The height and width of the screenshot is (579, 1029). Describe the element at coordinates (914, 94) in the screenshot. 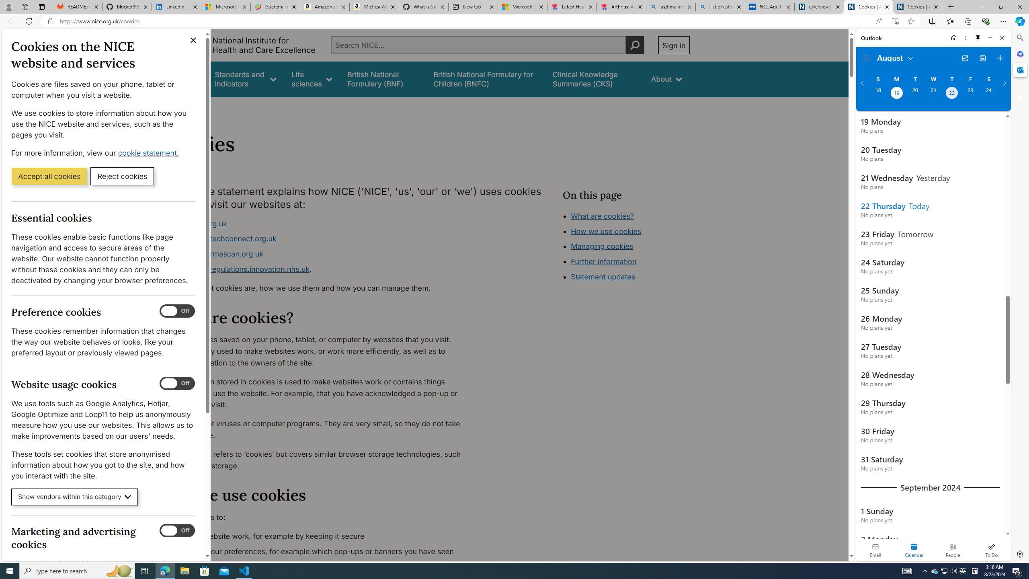

I see `'Tuesday, August 20, 2024. '` at that location.